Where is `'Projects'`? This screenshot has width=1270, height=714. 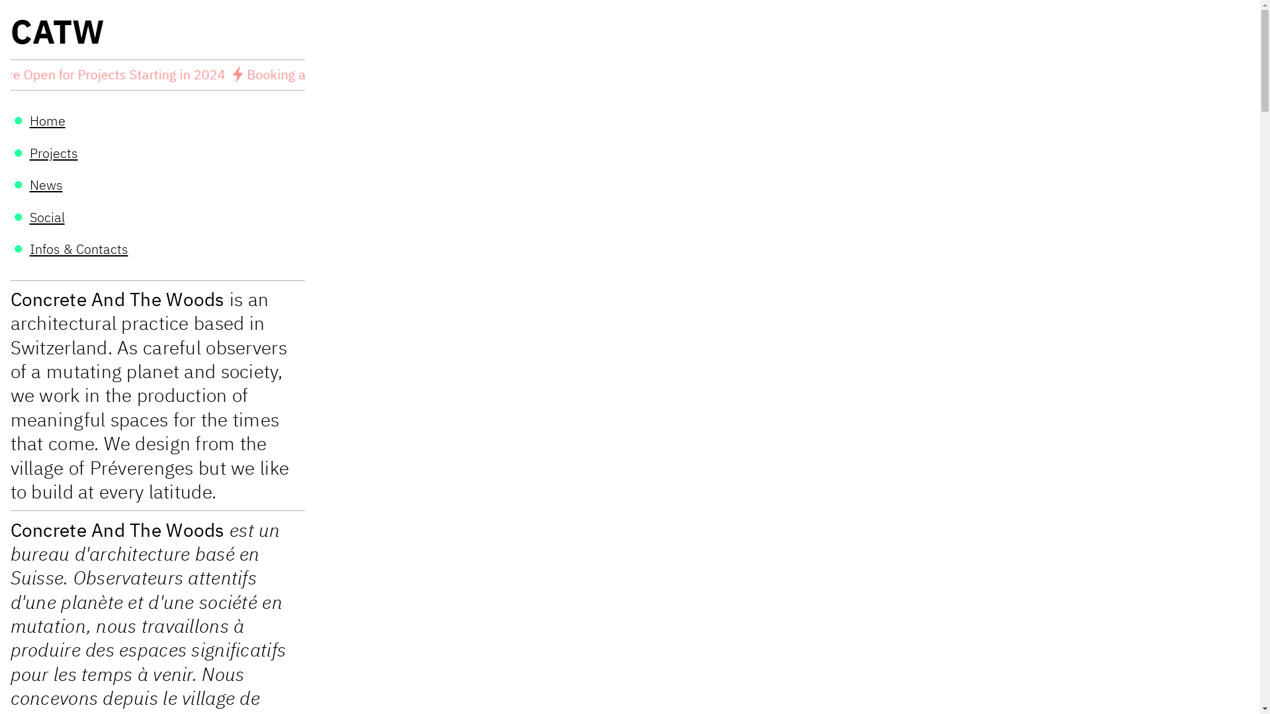 'Projects' is located at coordinates (53, 152).